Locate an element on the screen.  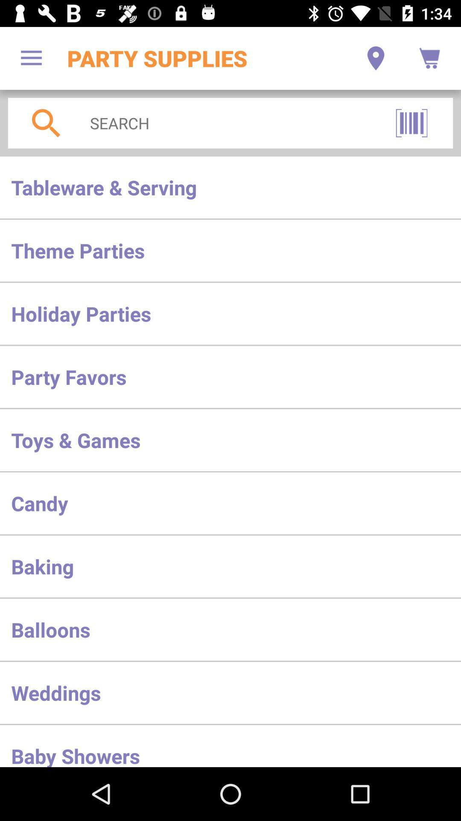
the holiday parties icon is located at coordinates (230, 313).